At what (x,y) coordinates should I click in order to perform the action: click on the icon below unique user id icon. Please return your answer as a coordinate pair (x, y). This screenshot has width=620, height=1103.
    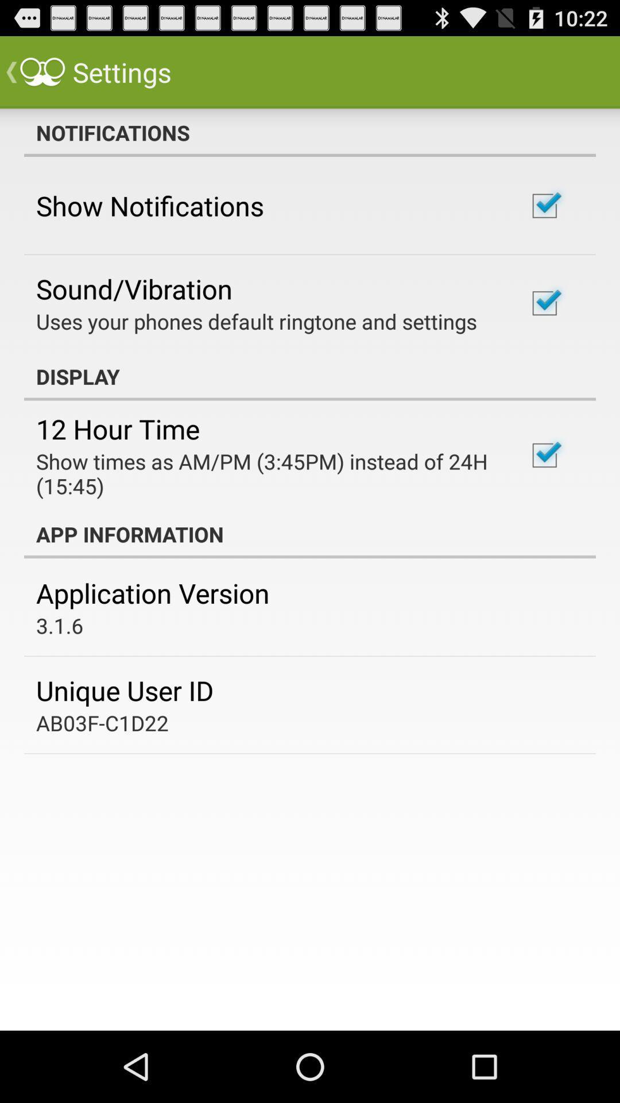
    Looking at the image, I should click on (102, 722).